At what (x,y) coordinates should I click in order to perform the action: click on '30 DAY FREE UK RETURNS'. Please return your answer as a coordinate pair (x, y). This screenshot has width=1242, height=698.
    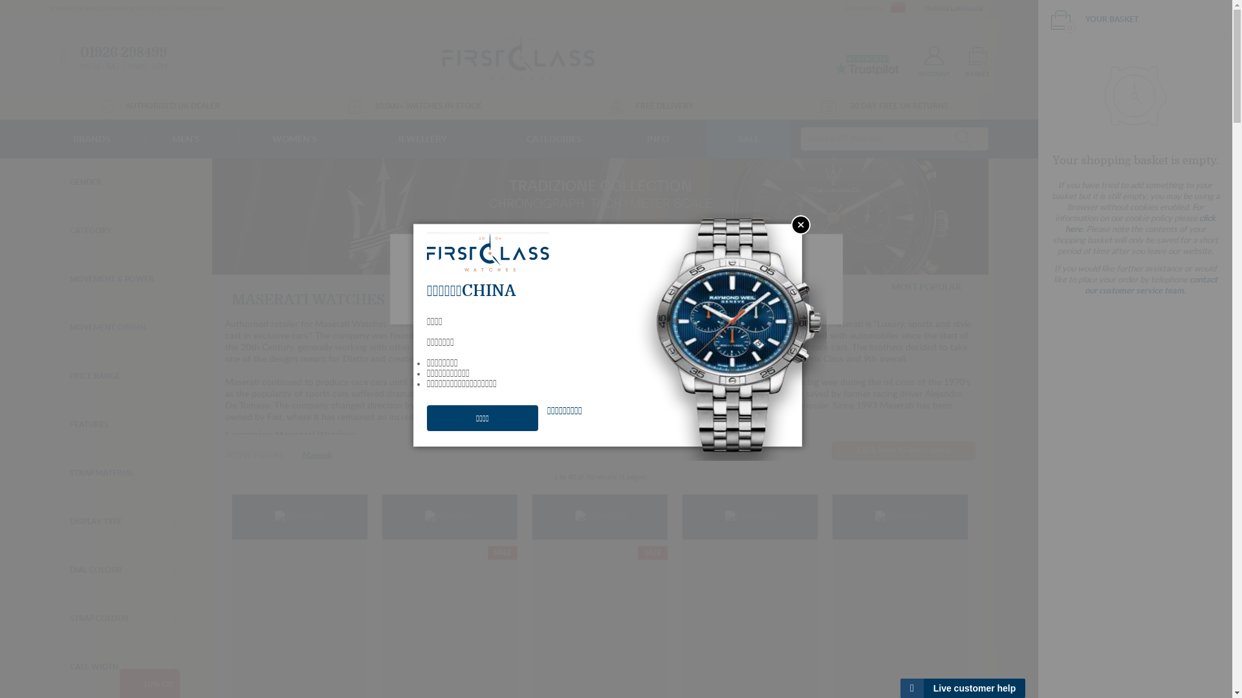
    Looking at the image, I should click on (878, 105).